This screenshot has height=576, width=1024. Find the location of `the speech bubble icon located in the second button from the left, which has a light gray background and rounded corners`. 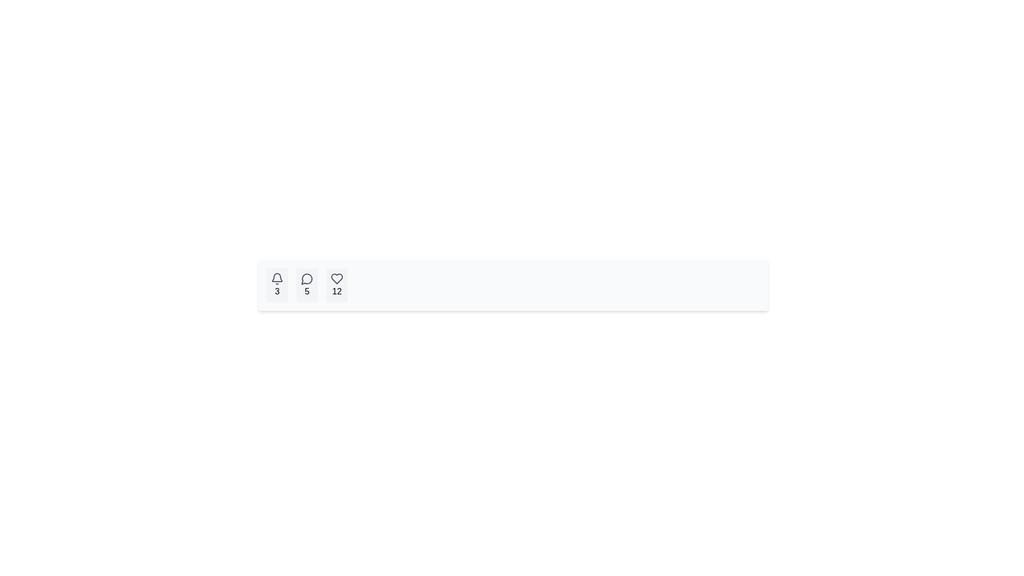

the speech bubble icon located in the second button from the left, which has a light gray background and rounded corners is located at coordinates (306, 278).